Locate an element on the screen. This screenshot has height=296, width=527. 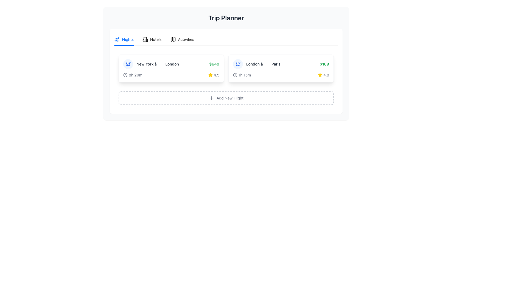
the 'Add New Flight' button, which is a rectangular button with a dashed border and a '+' icon, located below the list of flights, to initiate adding a new flight is located at coordinates (226, 98).